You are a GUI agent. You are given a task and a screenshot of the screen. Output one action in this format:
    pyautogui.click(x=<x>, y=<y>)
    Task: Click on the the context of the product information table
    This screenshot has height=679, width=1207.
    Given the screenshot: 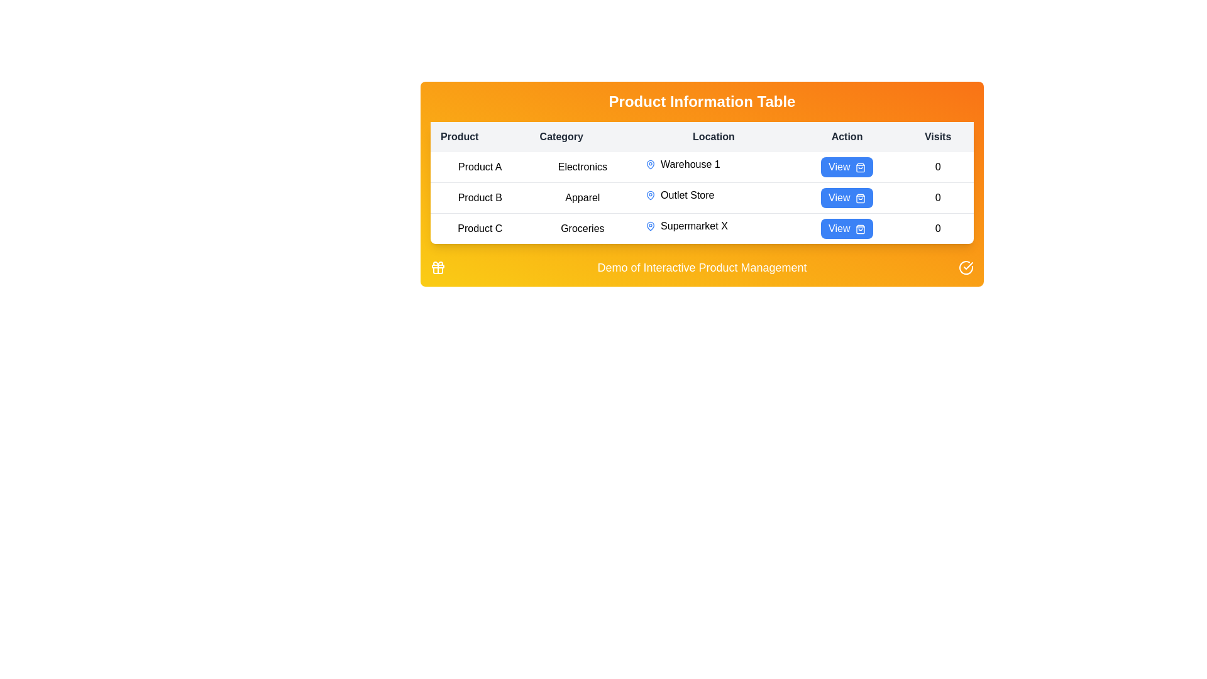 What is the action you would take?
    pyautogui.click(x=702, y=101)
    